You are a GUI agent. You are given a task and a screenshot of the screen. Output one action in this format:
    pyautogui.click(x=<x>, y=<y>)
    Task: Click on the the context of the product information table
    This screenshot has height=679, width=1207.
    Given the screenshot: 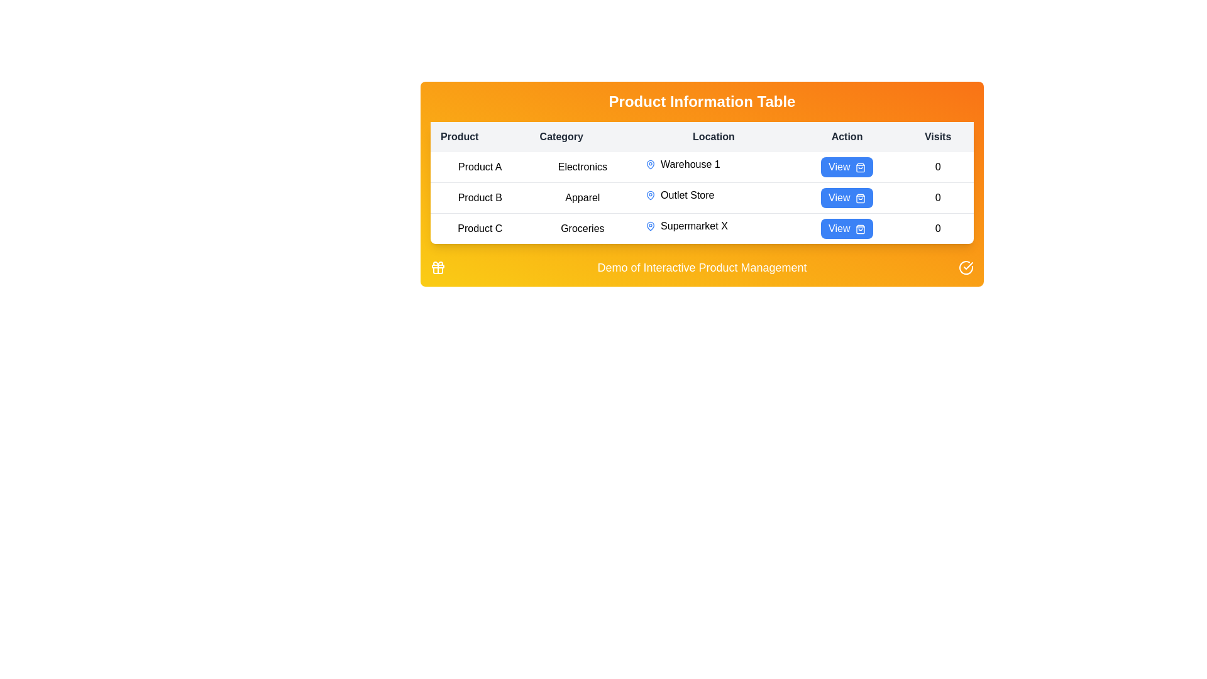 What is the action you would take?
    pyautogui.click(x=702, y=101)
    